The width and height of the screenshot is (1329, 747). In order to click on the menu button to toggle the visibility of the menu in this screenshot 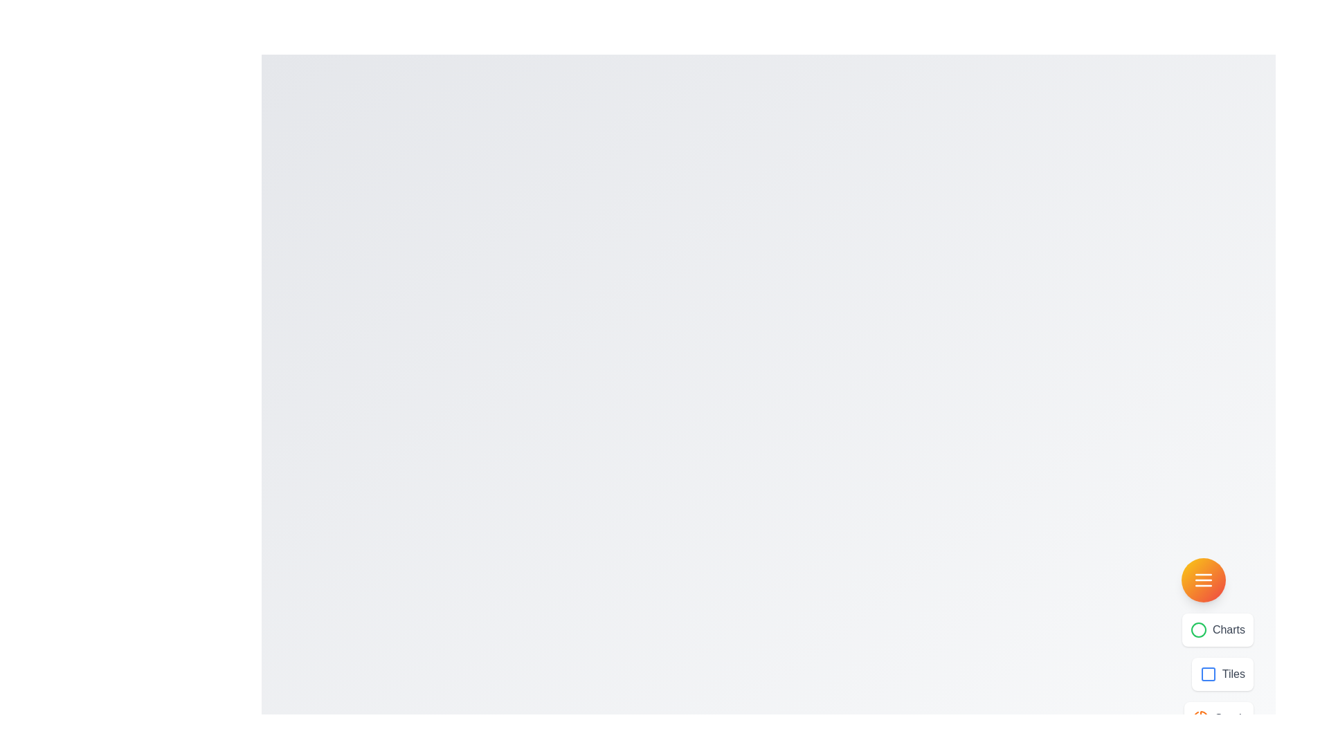, I will do `click(1202, 580)`.